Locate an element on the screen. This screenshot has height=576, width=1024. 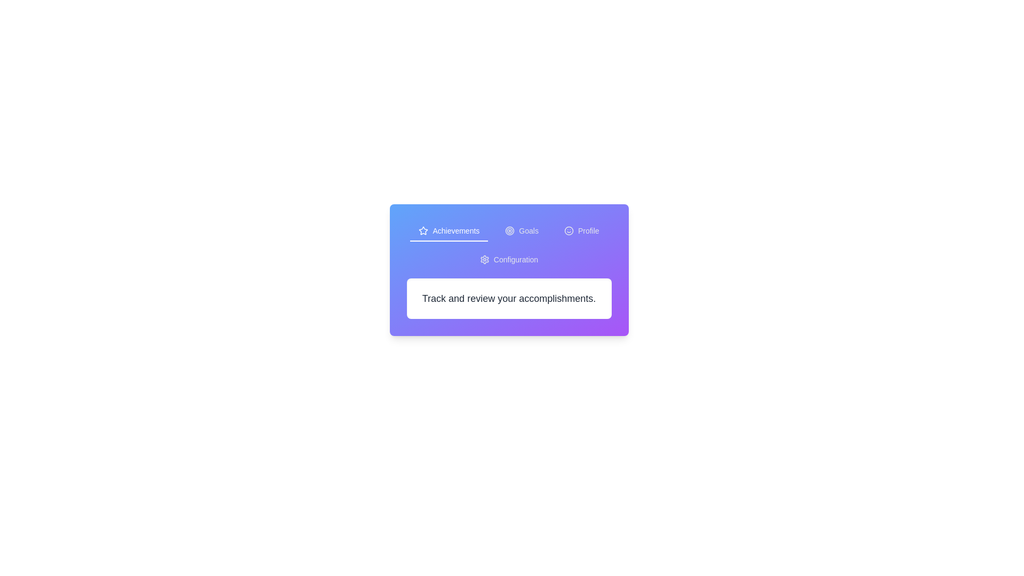
the Profile tab is located at coordinates (581, 231).